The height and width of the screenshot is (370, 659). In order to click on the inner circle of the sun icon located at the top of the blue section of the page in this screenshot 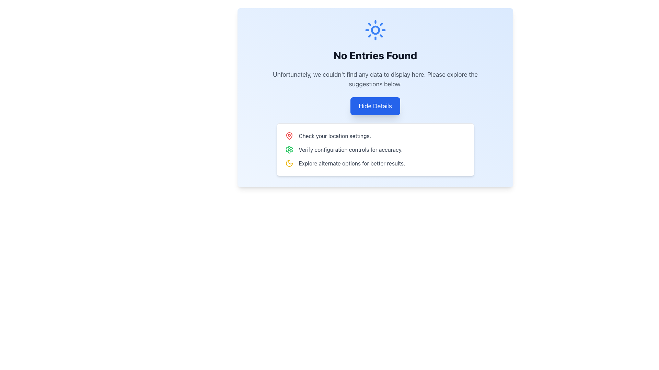, I will do `click(375, 30)`.